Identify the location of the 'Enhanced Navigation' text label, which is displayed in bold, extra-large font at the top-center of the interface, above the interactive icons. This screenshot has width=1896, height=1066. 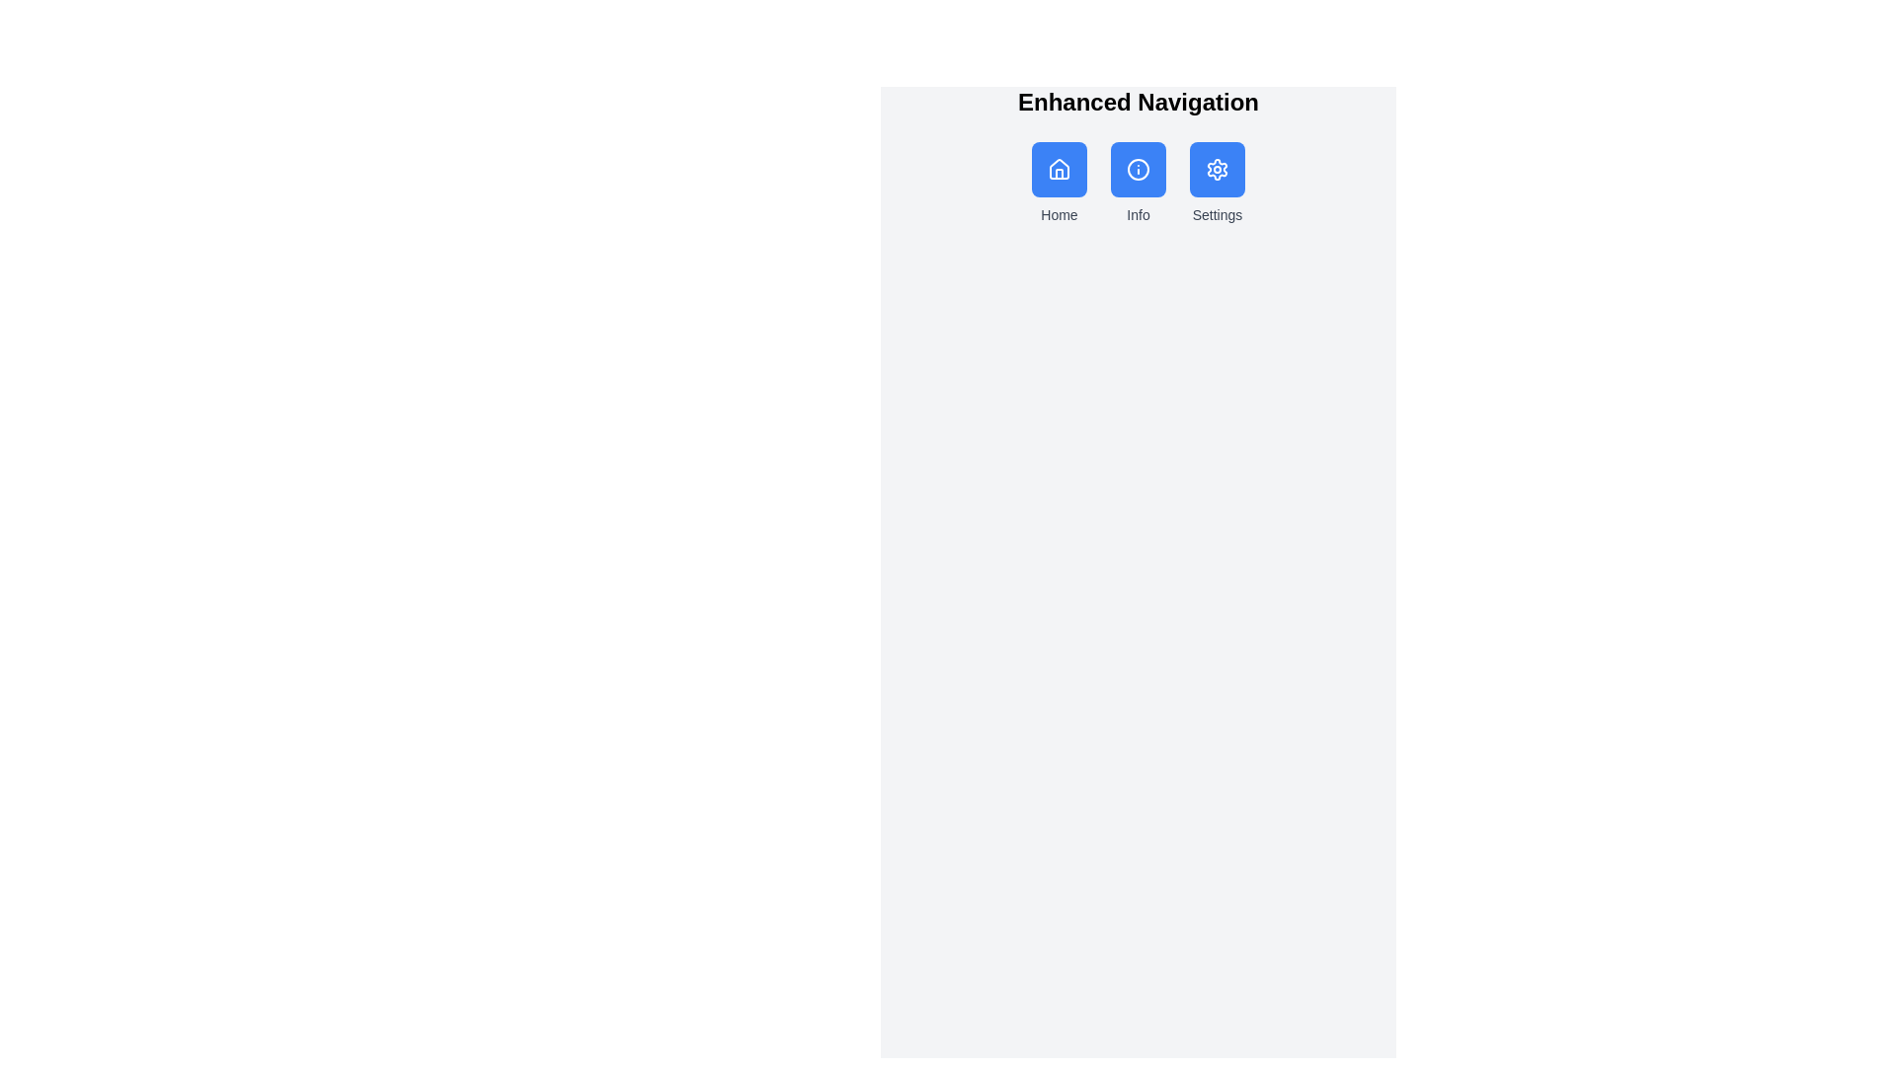
(1138, 103).